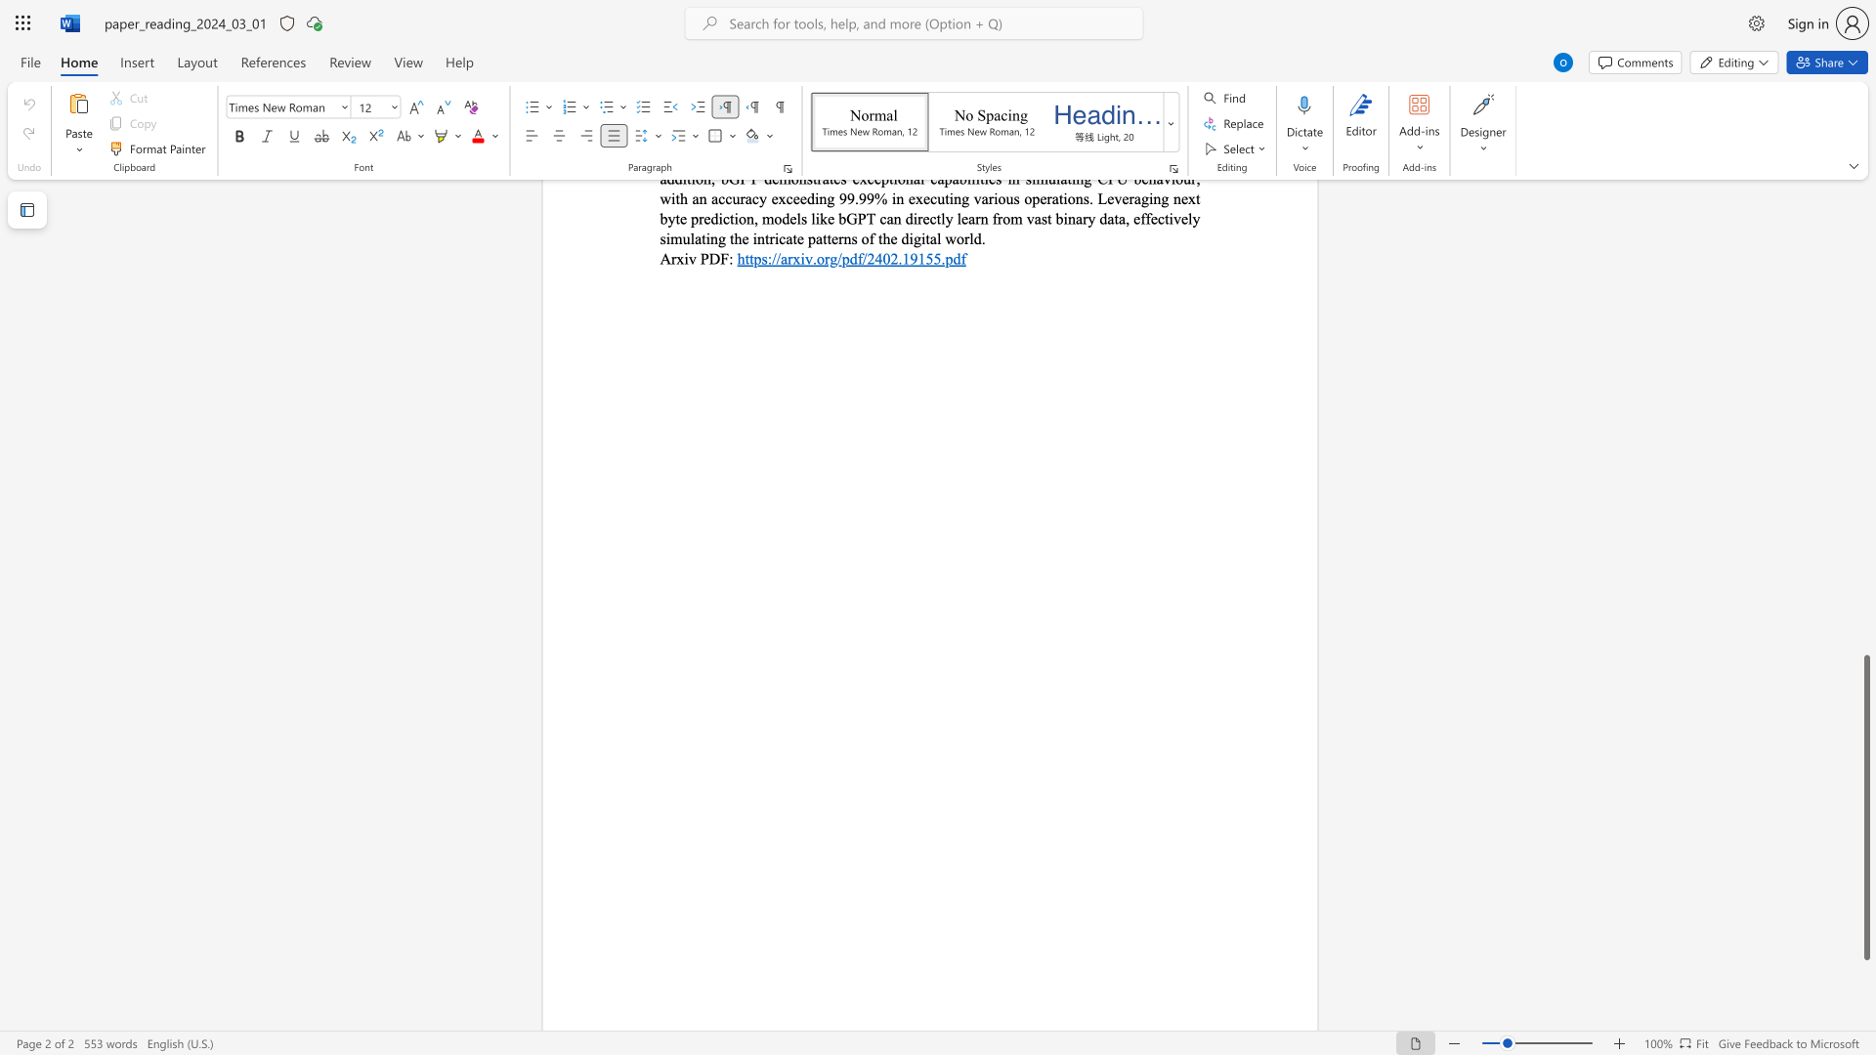 This screenshot has height=1055, width=1876. Describe the element at coordinates (1865, 448) in the screenshot. I see `the scrollbar to slide the page up` at that location.